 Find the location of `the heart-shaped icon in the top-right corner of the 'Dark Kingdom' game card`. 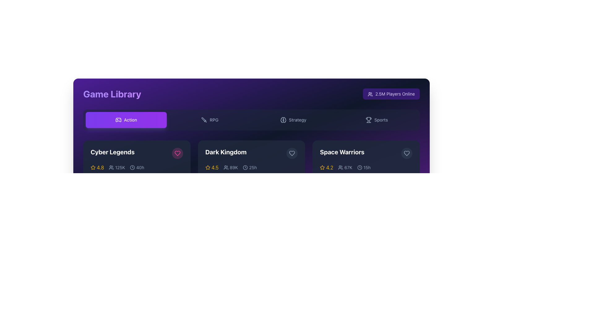

the heart-shaped icon in the top-right corner of the 'Dark Kingdom' game card is located at coordinates (292, 153).